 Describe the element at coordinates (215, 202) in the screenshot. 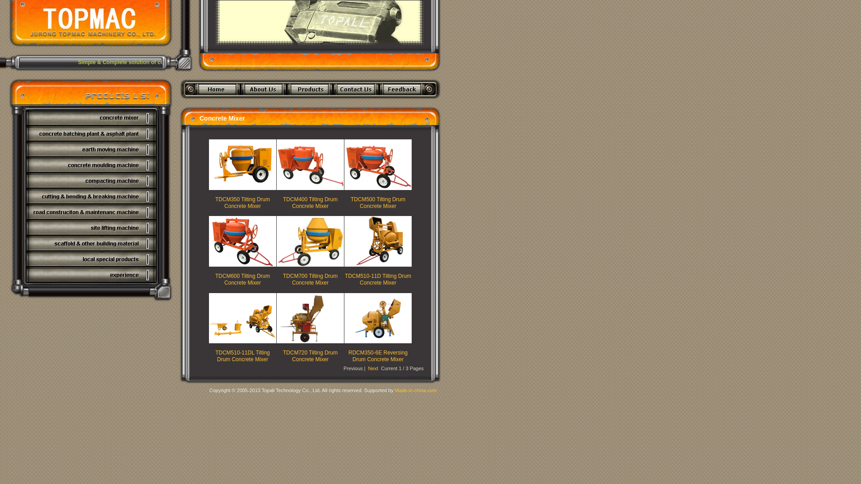

I see `'TDCM350 Tilting Drum Concrete Mixer'` at that location.